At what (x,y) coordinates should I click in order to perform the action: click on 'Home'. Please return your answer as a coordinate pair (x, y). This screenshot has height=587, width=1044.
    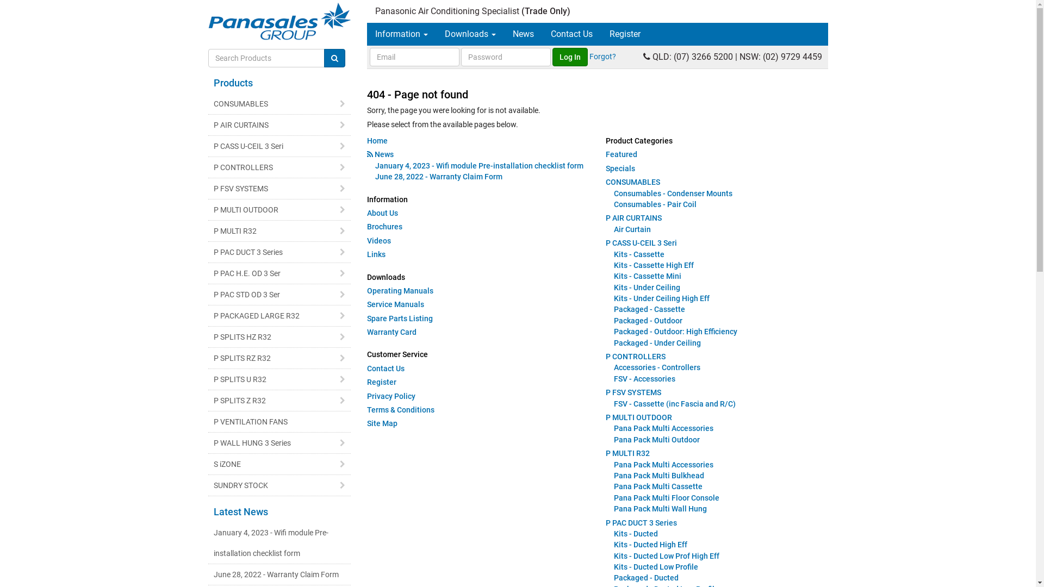
    Looking at the image, I should click on (367, 140).